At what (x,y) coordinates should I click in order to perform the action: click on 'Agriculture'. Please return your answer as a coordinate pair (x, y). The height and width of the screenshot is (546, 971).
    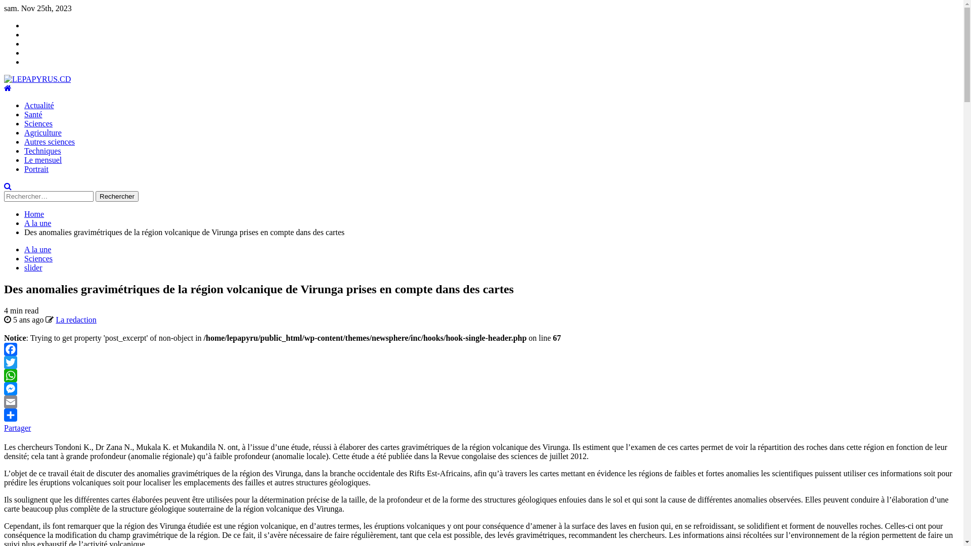
    Looking at the image, I should click on (24, 132).